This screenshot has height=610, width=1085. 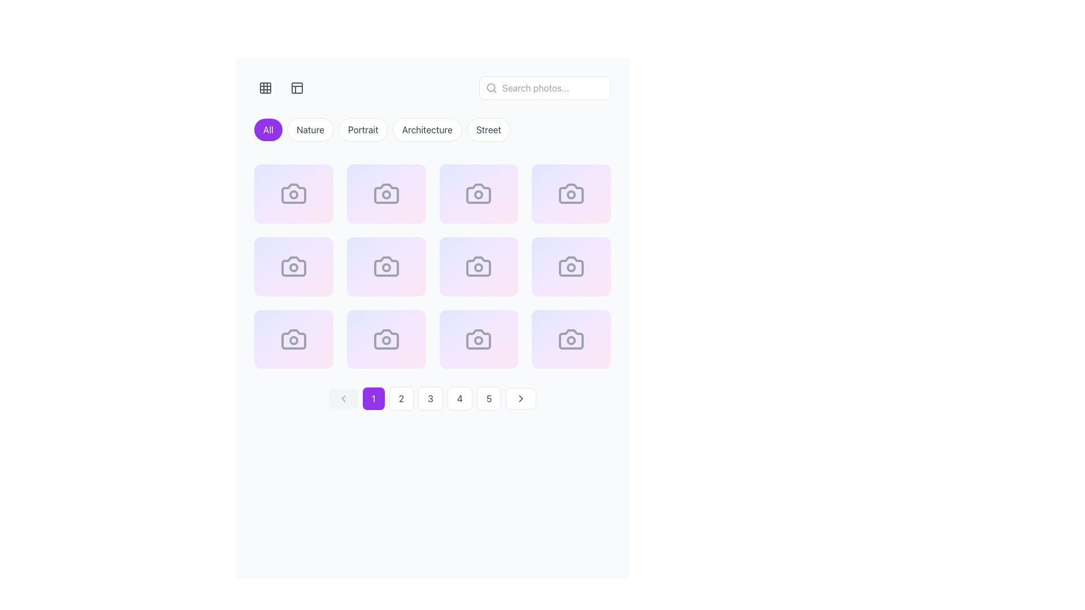 What do you see at coordinates (342, 398) in the screenshot?
I see `the disabled previous page button located in the horizontal pagination bar below the grid of image thumbnails, which is the first button on the left` at bounding box center [342, 398].